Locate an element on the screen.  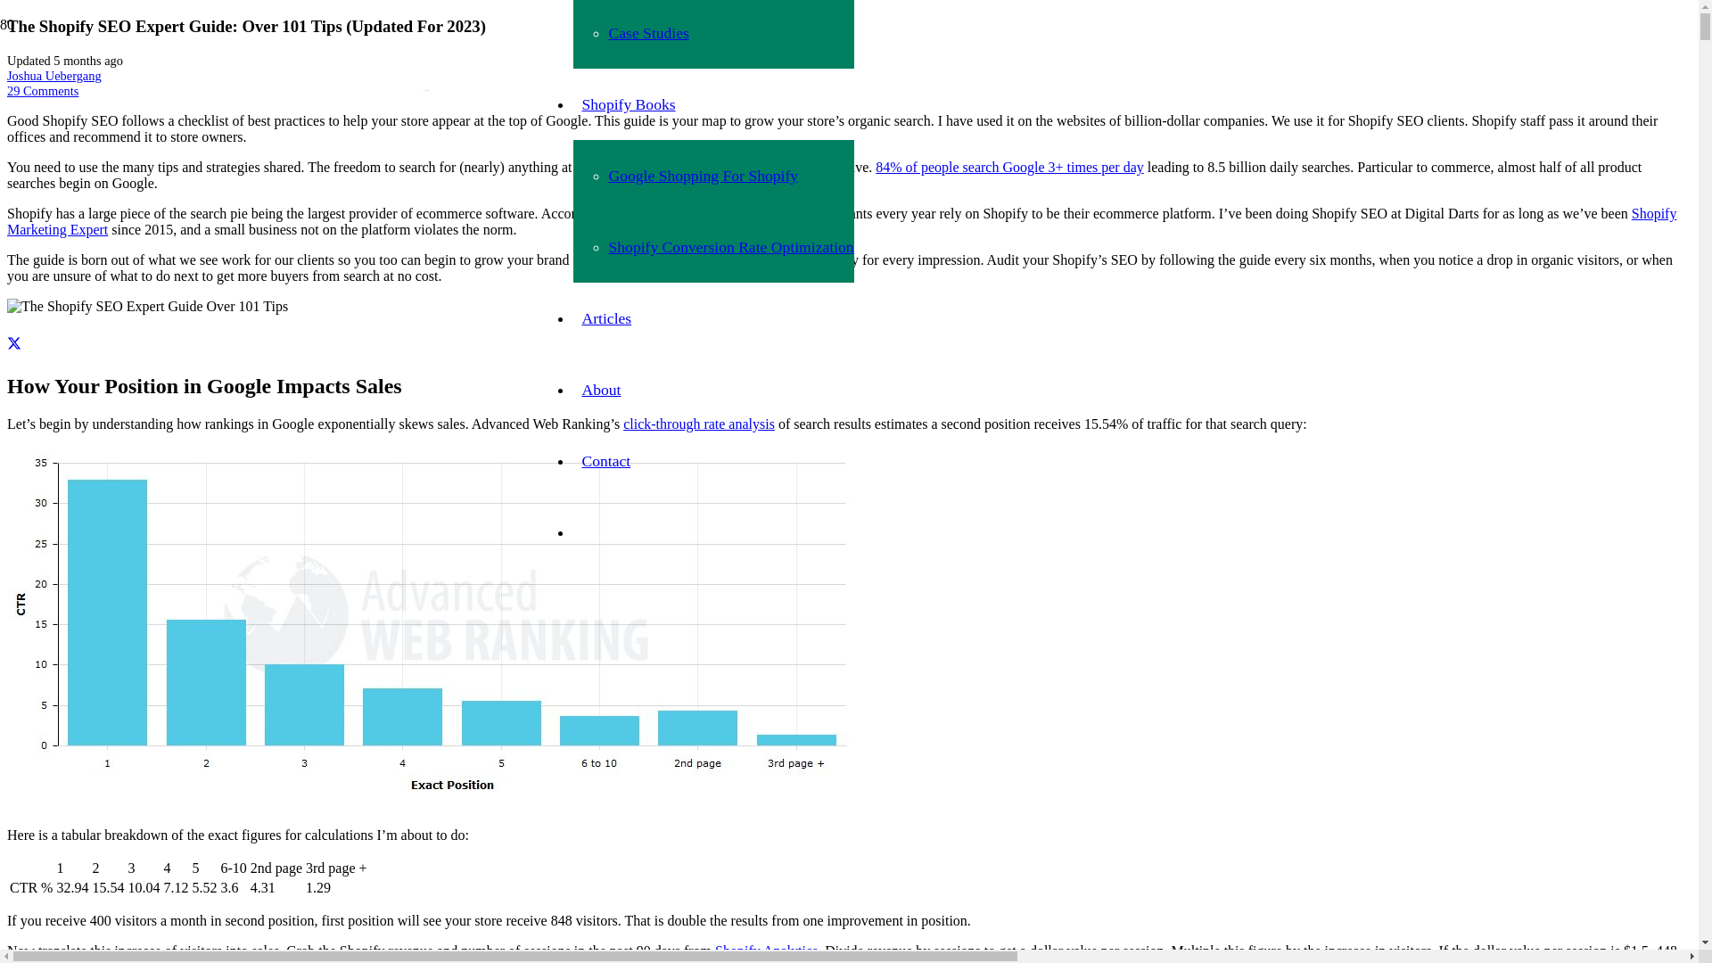
'Shopify Marketing Expert' is located at coordinates (841, 220).